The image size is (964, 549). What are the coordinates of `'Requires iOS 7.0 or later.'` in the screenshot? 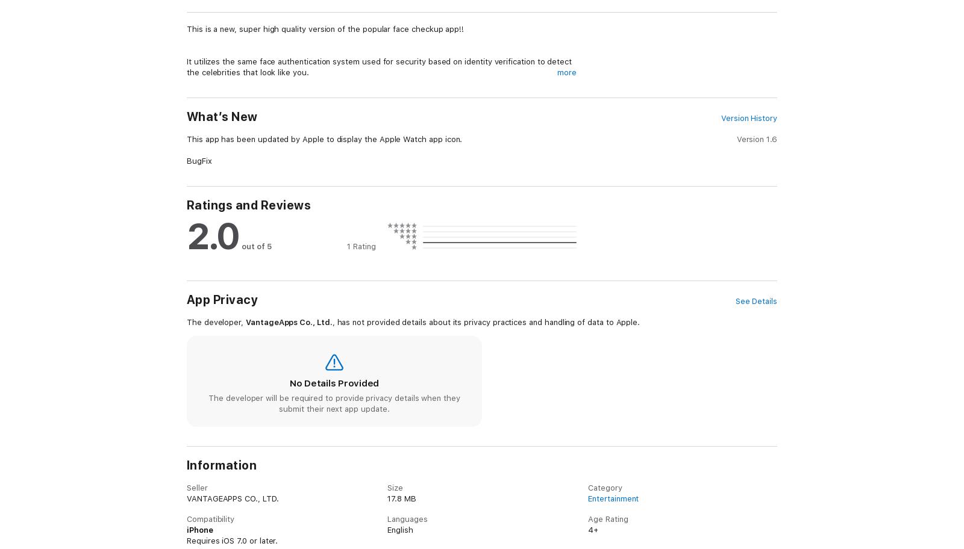 It's located at (232, 540).